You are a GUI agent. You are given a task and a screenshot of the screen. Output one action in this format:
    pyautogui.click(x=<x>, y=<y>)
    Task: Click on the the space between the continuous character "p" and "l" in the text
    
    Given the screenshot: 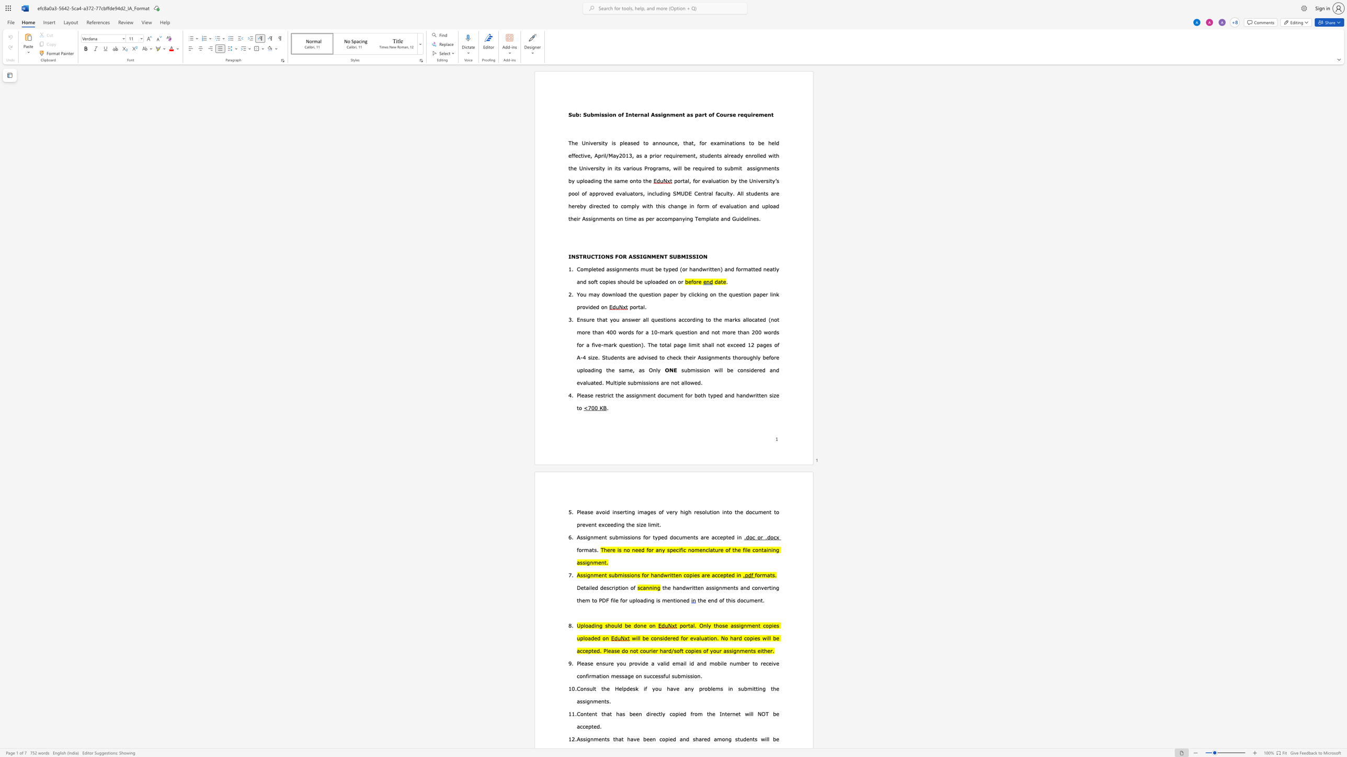 What is the action you would take?
    pyautogui.click(x=634, y=206)
    